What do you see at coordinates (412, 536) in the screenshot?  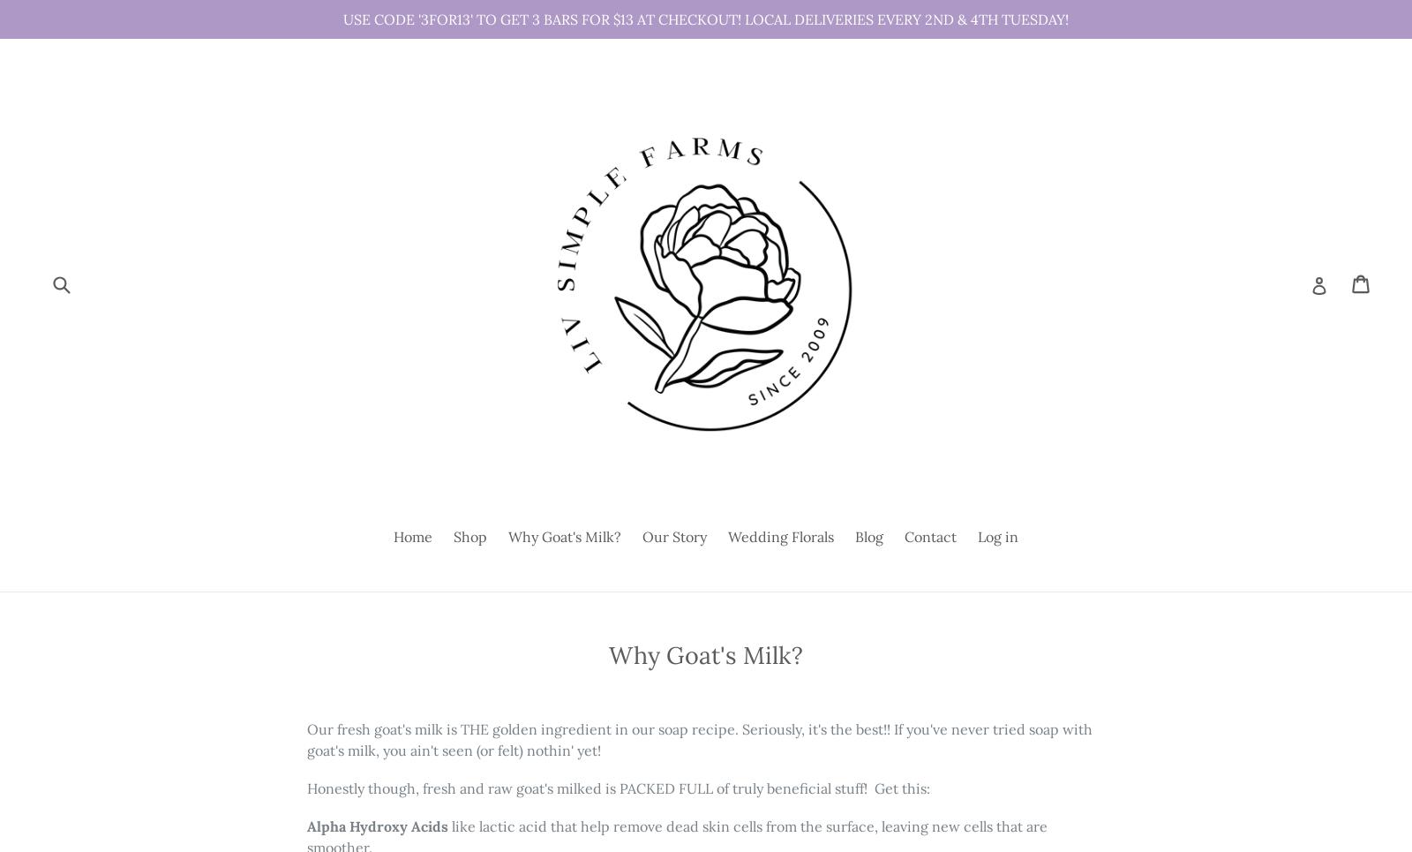 I see `'Home'` at bounding box center [412, 536].